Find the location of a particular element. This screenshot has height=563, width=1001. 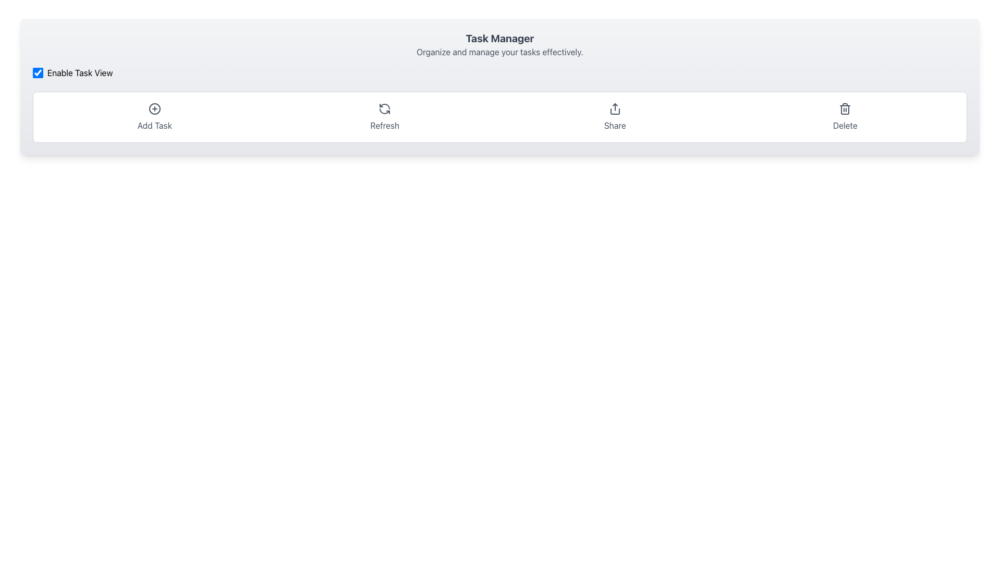

the descriptive subtitle located directly below the 'Task Manager' heading, which is purely informational and non-interactive is located at coordinates (499, 52).